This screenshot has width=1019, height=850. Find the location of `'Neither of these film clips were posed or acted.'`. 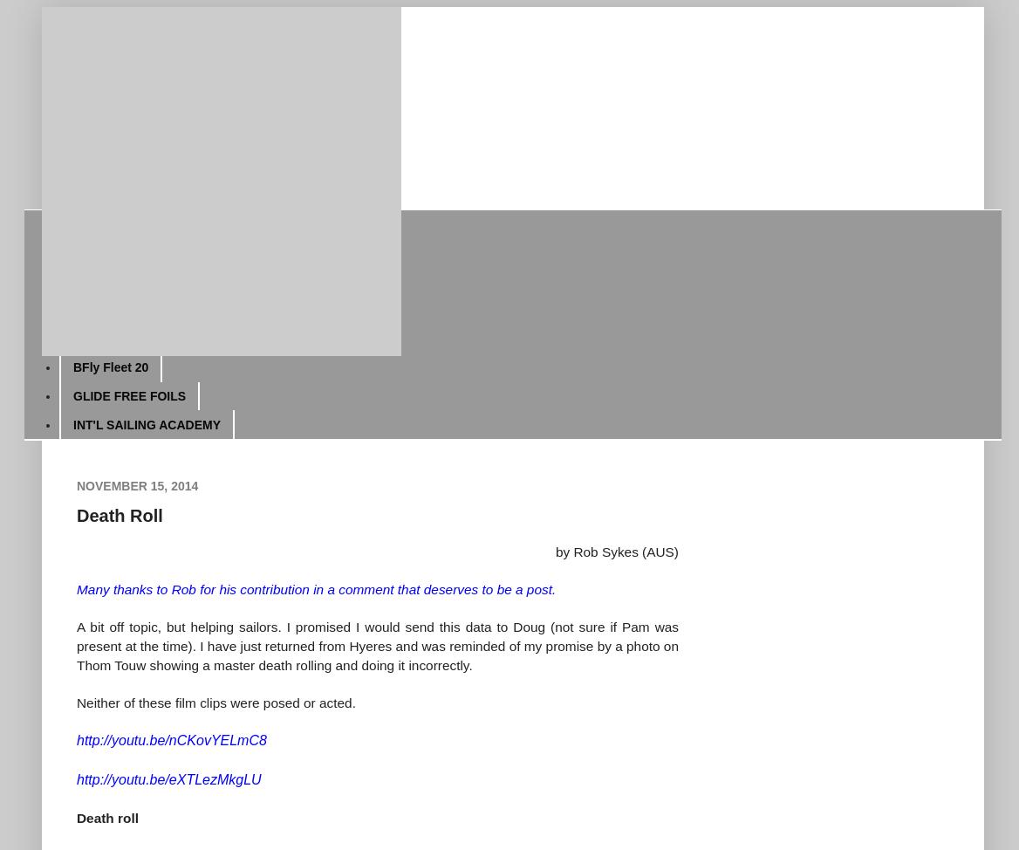

'Neither of these film clips were posed or acted.' is located at coordinates (75, 701).